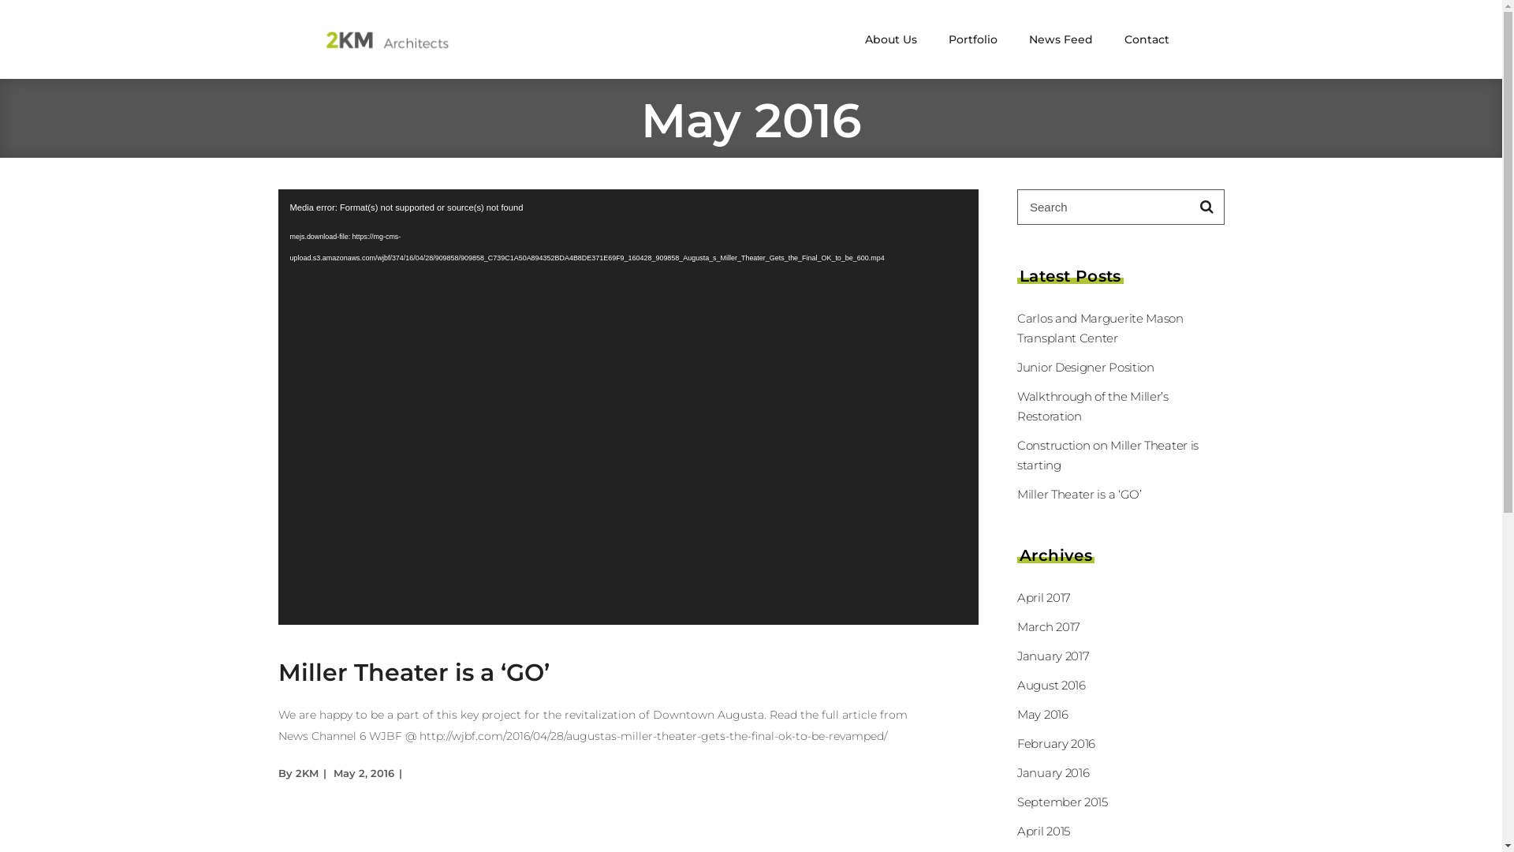 The height and width of the screenshot is (852, 1514). What do you see at coordinates (1048, 626) in the screenshot?
I see `'March 2017'` at bounding box center [1048, 626].